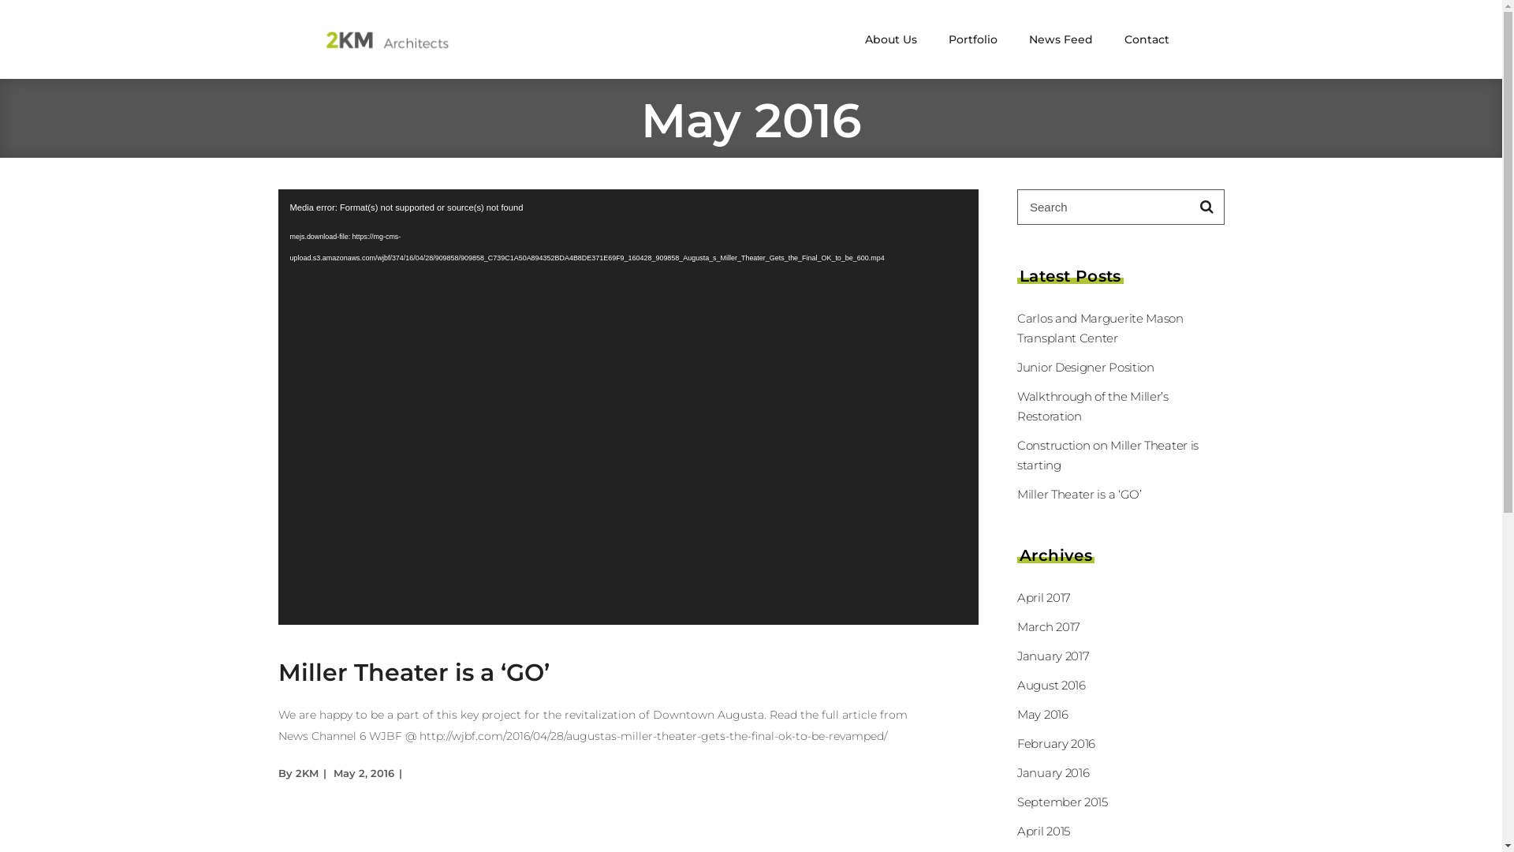 The height and width of the screenshot is (852, 1514). What do you see at coordinates (1048, 626) in the screenshot?
I see `'March 2017'` at bounding box center [1048, 626].